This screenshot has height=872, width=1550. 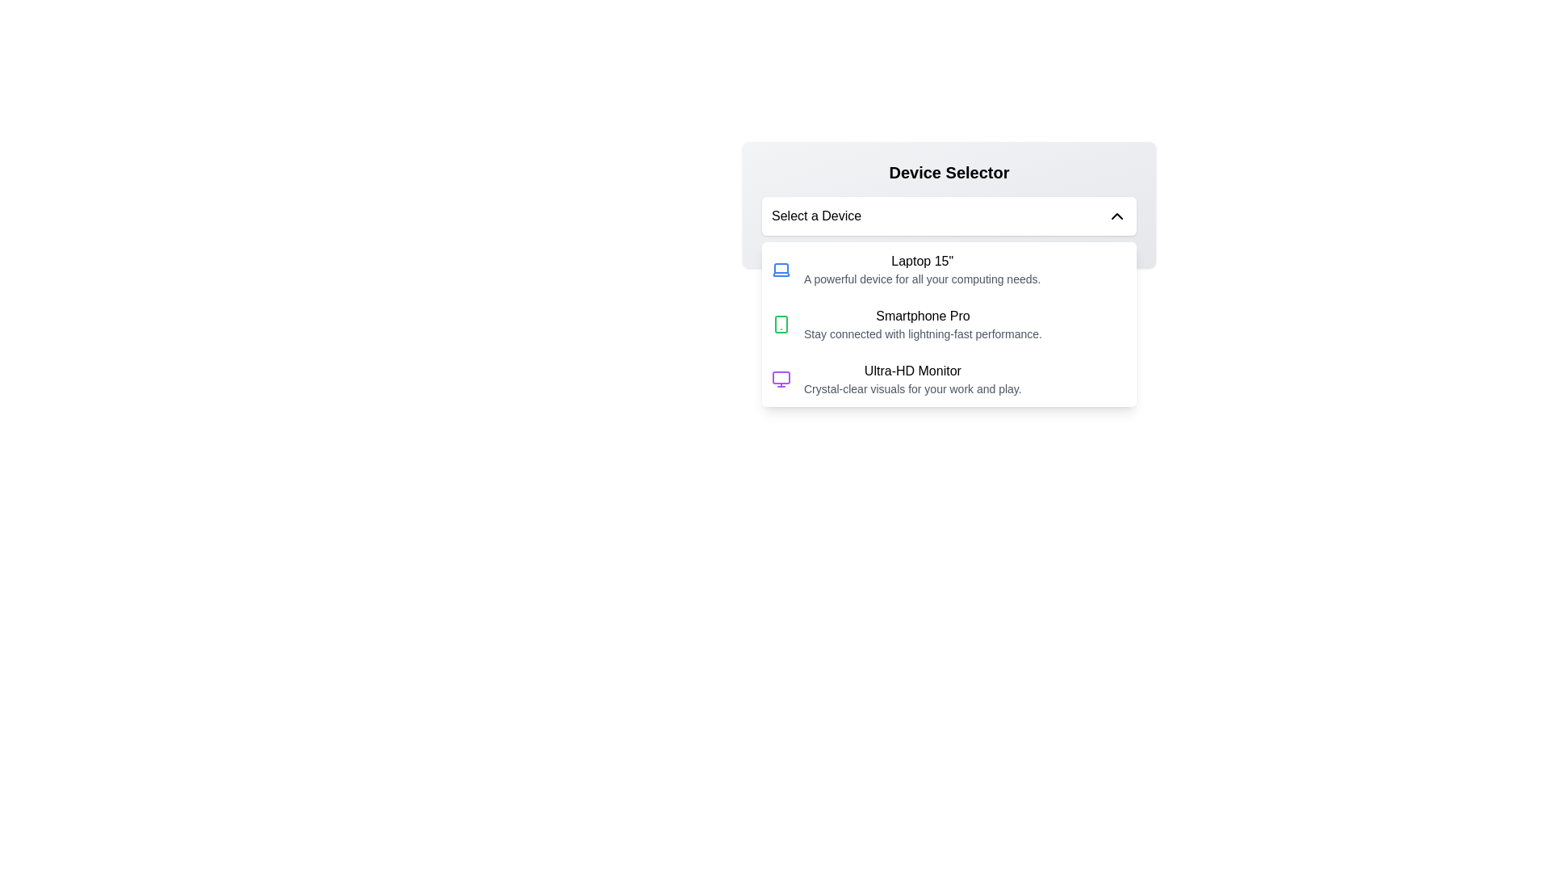 What do you see at coordinates (912, 371) in the screenshot?
I see `the text label reading 'Ultra-HD Monitor' which is located in the 'Device Selector' dropdown, above the description 'Crystal-clear visuals for your work and play.'` at bounding box center [912, 371].